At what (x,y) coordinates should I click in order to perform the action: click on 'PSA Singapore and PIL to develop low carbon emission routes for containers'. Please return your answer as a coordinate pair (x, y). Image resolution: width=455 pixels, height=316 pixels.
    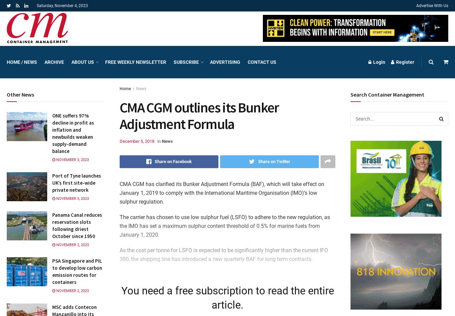
    Looking at the image, I should click on (77, 271).